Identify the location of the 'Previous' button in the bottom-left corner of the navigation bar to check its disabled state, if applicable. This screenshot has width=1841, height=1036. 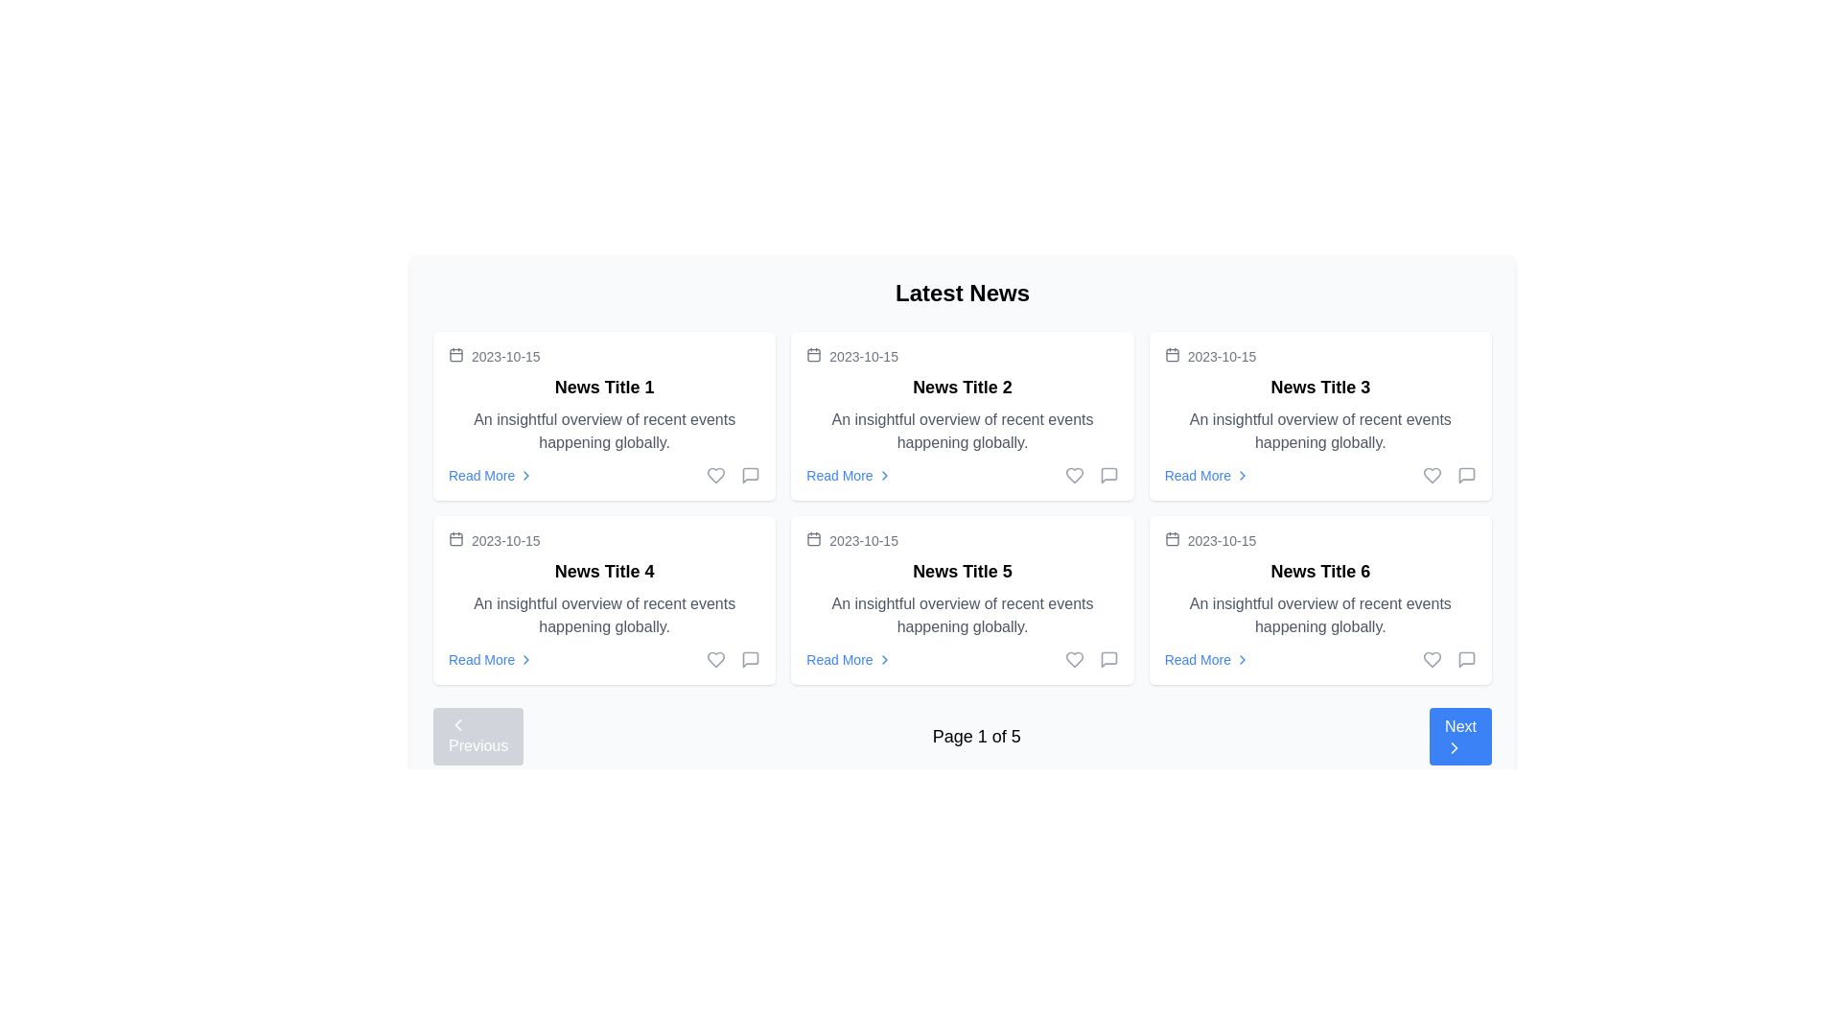
(478, 735).